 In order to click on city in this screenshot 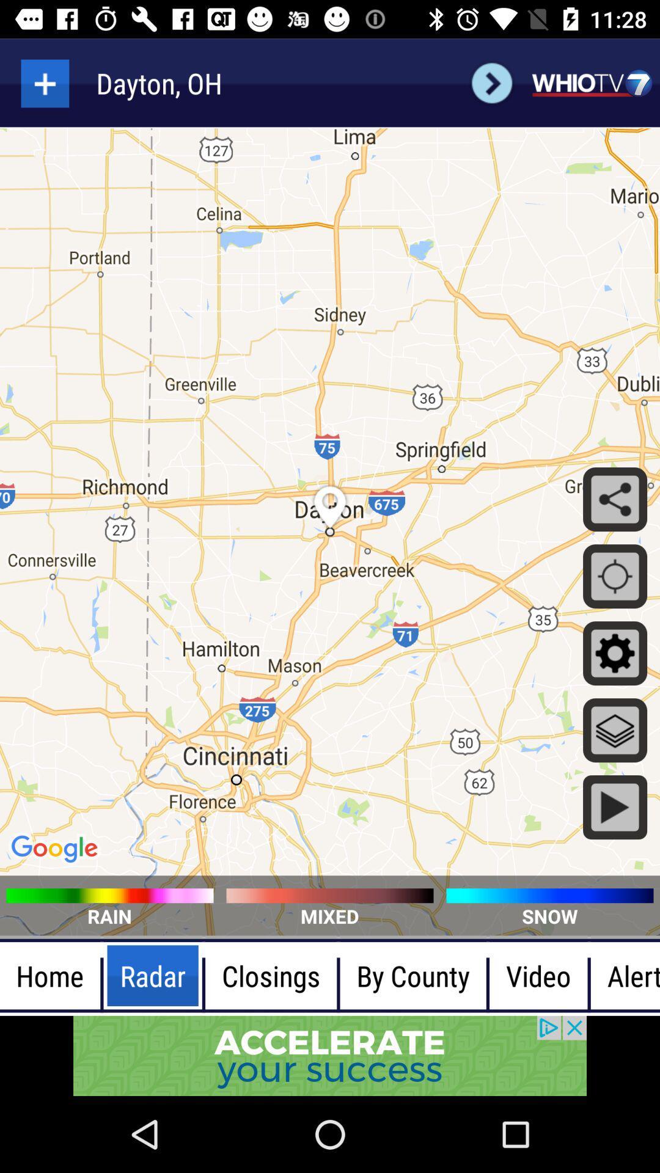, I will do `click(44, 82)`.